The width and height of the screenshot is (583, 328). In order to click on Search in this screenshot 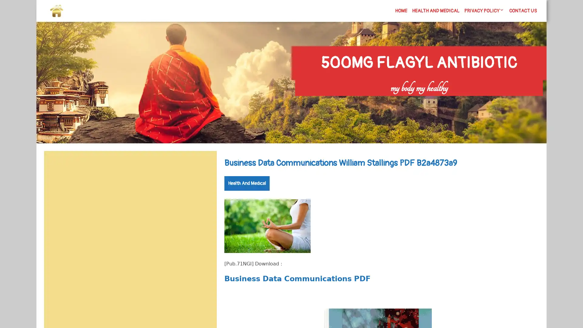, I will do `click(203, 166)`.